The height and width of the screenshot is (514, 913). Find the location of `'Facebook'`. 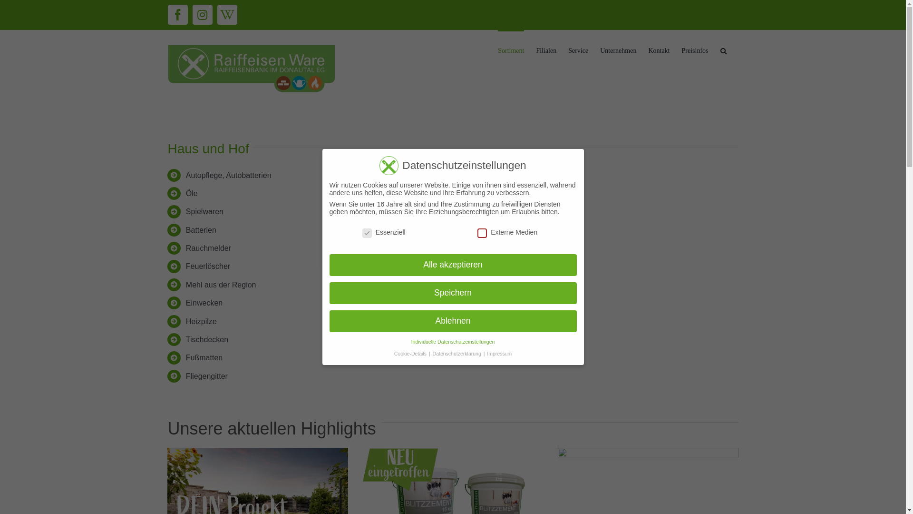

'Facebook' is located at coordinates (167, 14).